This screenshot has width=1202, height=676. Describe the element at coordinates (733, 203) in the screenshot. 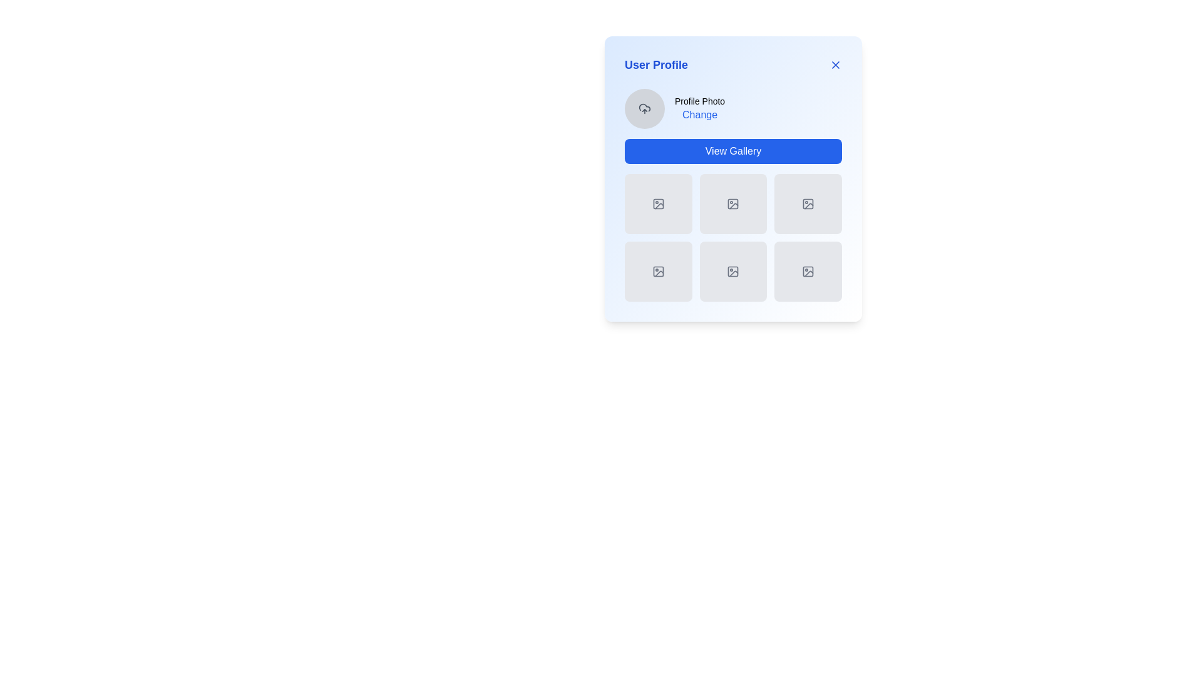

I see `the SVG rectangle representing the image placeholder icon located in the second column of the top row in a 3x2 grid of placeholders` at that location.